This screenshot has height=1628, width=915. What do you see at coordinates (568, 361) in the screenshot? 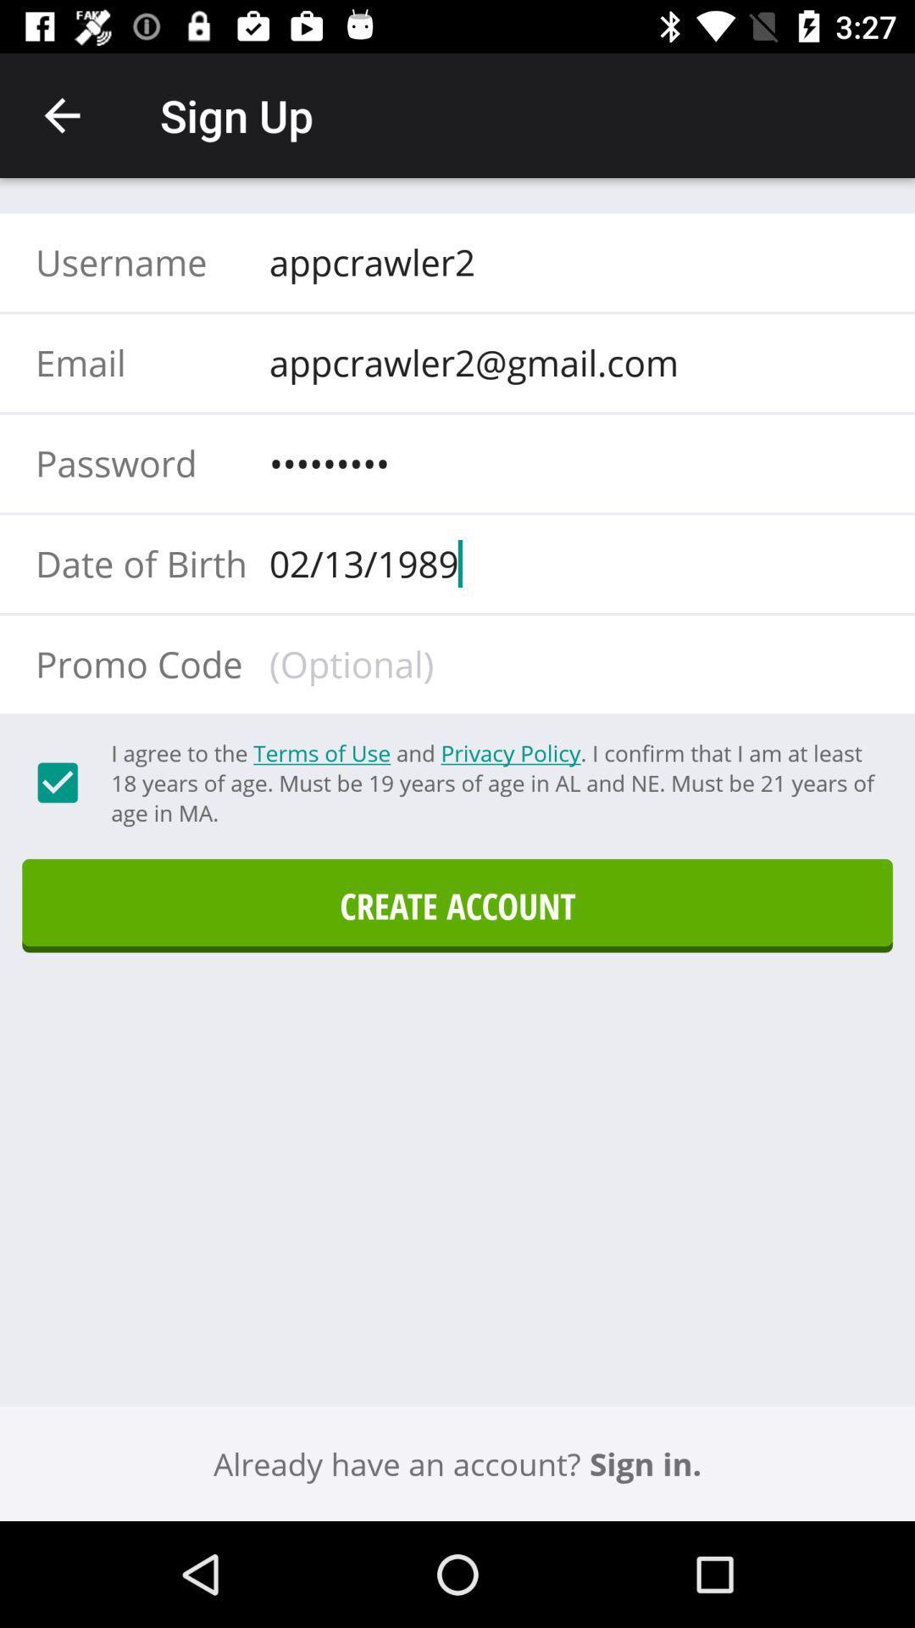
I see `the icon below appcrawler2 item` at bounding box center [568, 361].